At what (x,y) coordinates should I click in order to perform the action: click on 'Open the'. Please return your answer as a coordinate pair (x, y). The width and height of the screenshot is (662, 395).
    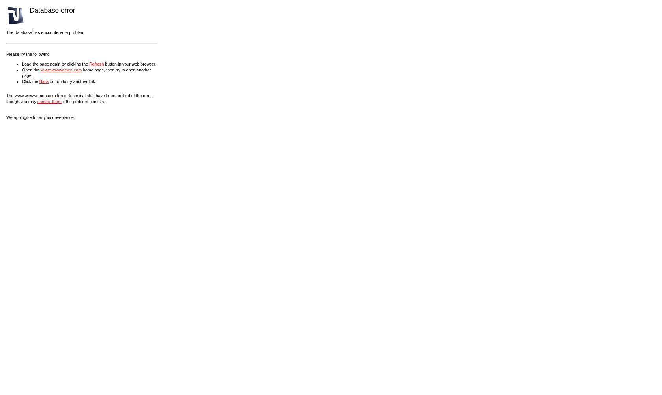
    Looking at the image, I should click on (22, 70).